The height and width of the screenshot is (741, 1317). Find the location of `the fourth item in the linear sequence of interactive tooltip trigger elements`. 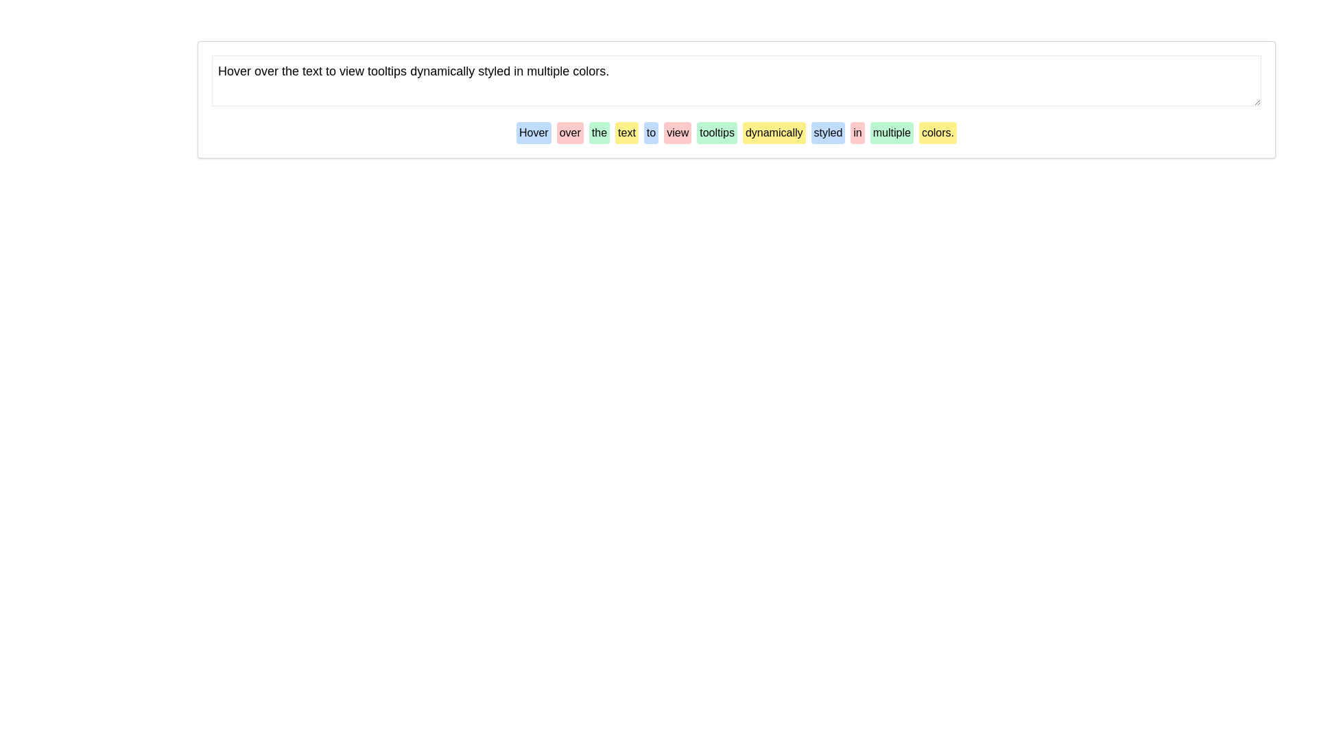

the fourth item in the linear sequence of interactive tooltip trigger elements is located at coordinates (599, 132).